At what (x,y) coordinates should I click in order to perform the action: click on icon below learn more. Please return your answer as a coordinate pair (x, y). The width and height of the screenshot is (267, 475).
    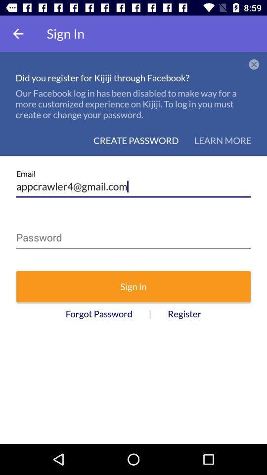
    Looking at the image, I should click on (133, 183).